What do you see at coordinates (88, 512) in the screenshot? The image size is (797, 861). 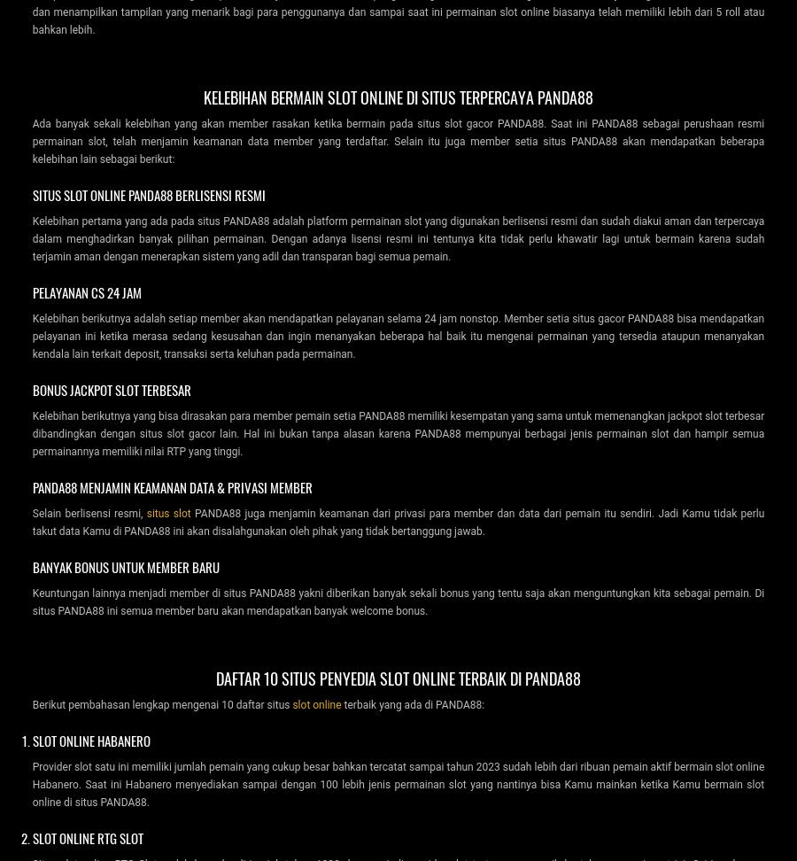 I see `'Selain berlisensi resmi,'` at bounding box center [88, 512].